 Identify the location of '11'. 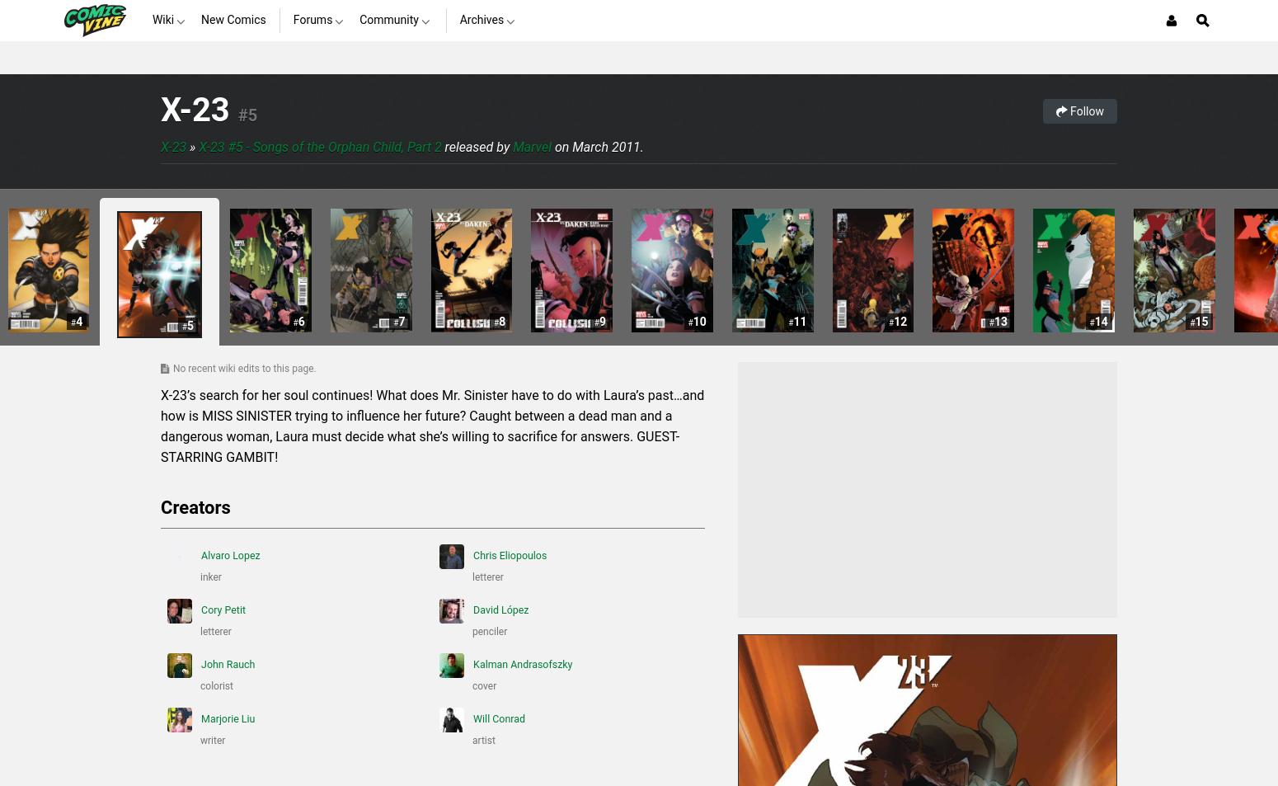
(798, 320).